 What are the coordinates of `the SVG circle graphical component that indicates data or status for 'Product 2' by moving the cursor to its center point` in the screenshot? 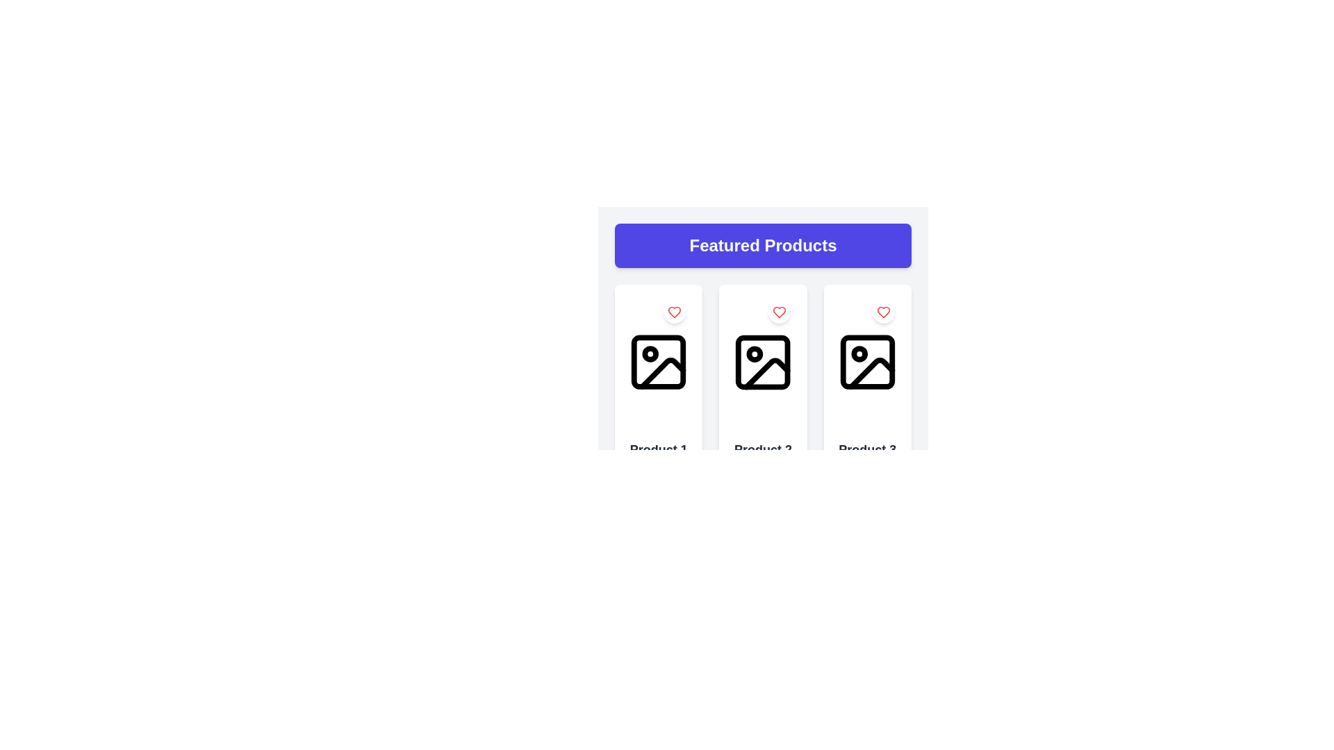 It's located at (754, 353).